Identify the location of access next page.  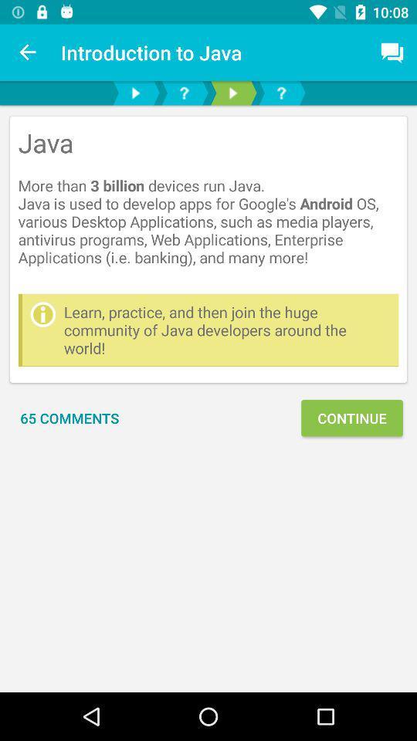
(135, 93).